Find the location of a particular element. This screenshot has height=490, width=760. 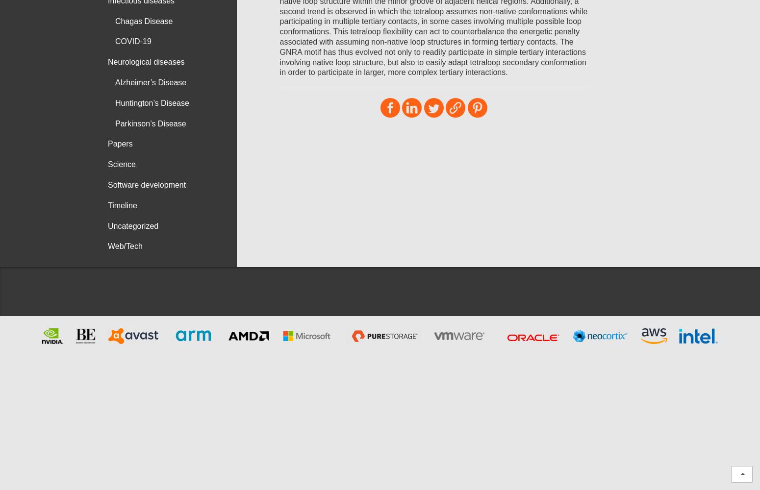

'Web/Tech' is located at coordinates (125, 246).